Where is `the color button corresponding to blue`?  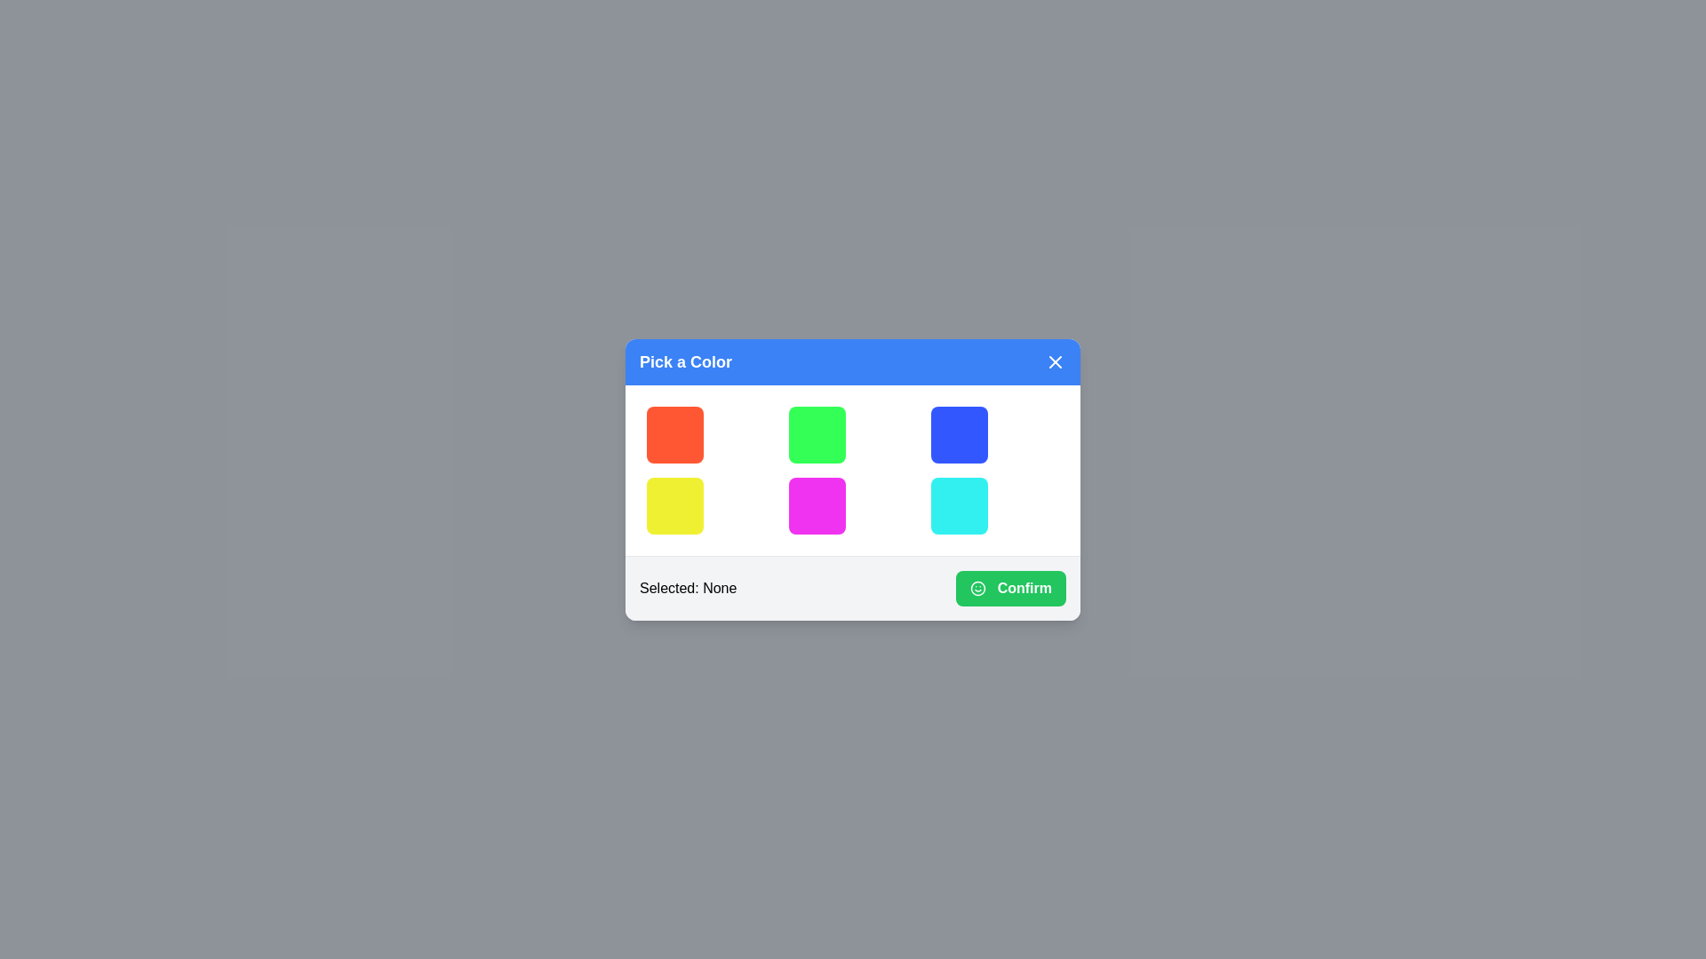
the color button corresponding to blue is located at coordinates (959, 434).